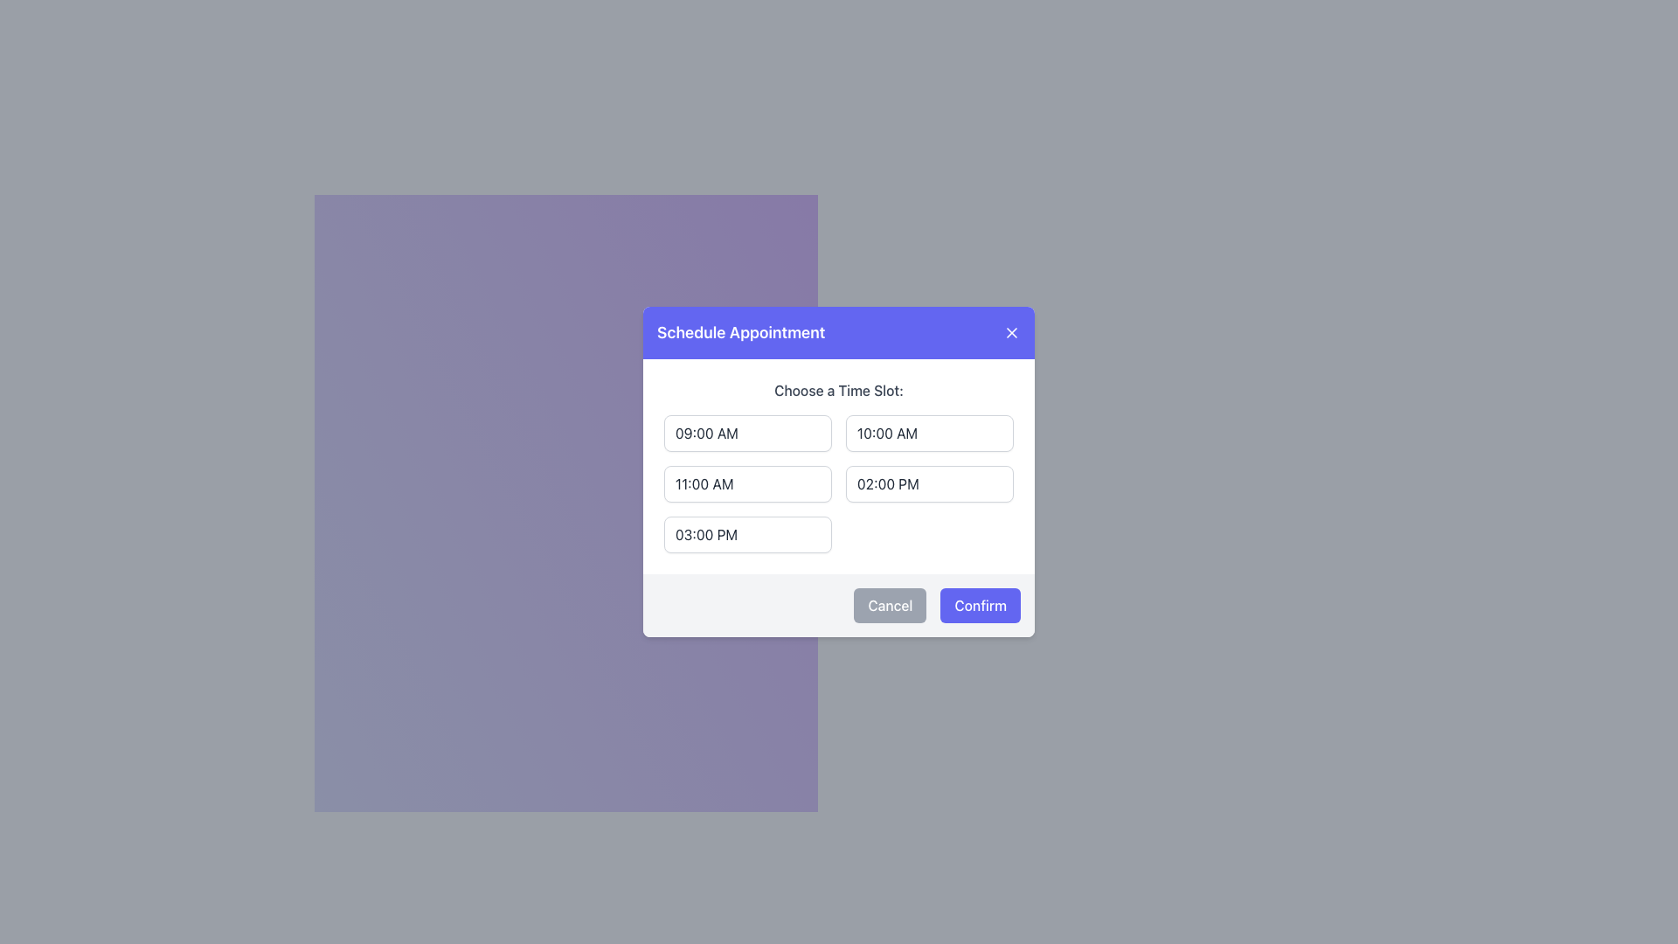 This screenshot has width=1678, height=944. What do you see at coordinates (1011, 333) in the screenshot?
I see `the close button located at the top-right corner of the modal header titled 'Schedule Appointment'` at bounding box center [1011, 333].